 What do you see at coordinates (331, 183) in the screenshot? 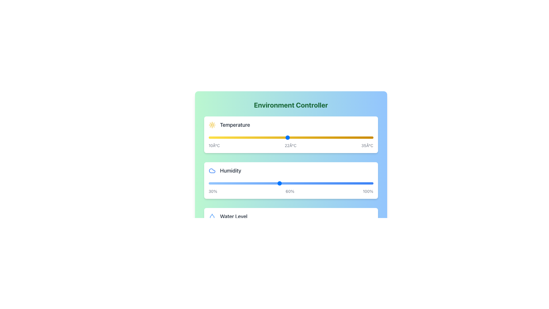
I see `humidity` at bounding box center [331, 183].